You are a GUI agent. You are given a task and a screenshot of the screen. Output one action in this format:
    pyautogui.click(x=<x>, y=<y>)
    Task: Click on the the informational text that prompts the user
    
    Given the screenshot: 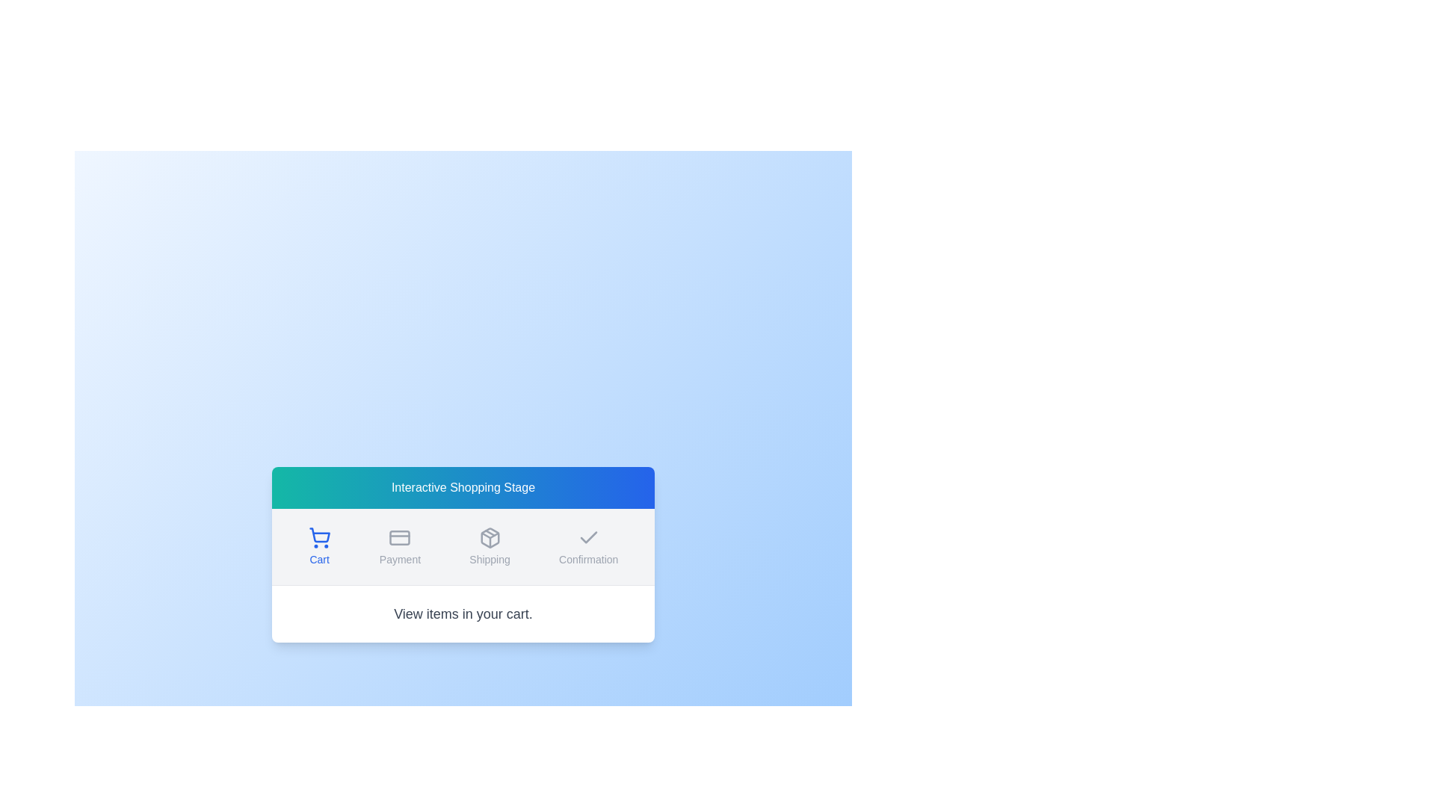 What is the action you would take?
    pyautogui.click(x=462, y=613)
    